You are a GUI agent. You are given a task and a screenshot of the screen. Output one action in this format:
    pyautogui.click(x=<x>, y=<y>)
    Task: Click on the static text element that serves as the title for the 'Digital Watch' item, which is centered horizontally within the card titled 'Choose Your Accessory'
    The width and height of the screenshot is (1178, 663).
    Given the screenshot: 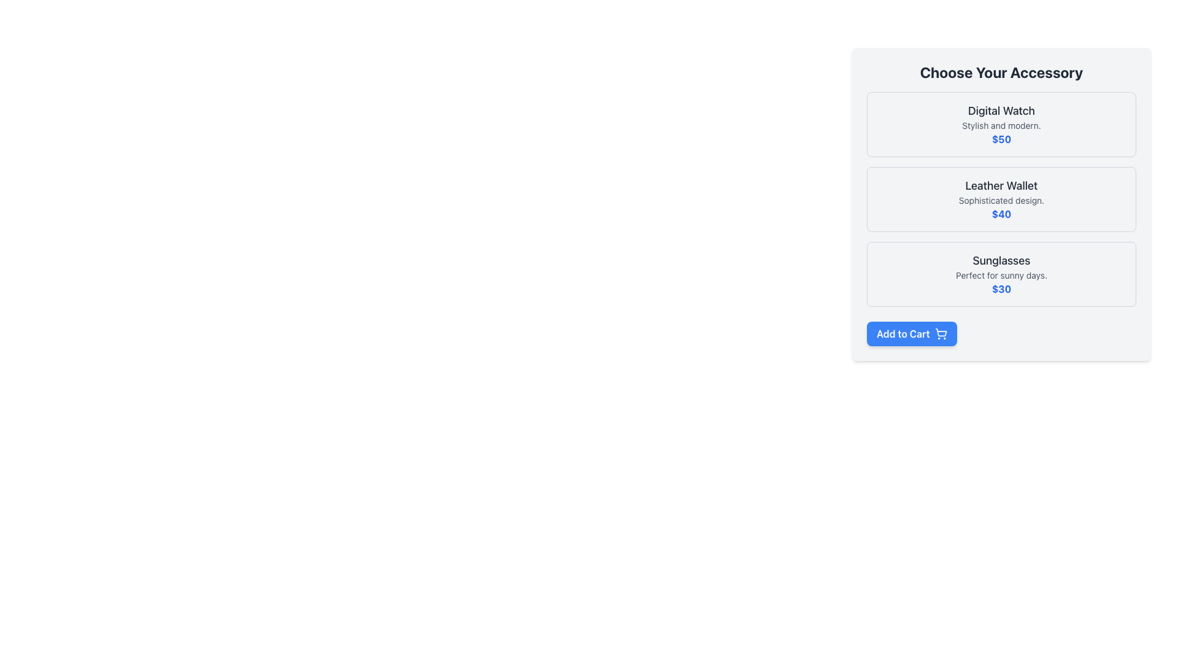 What is the action you would take?
    pyautogui.click(x=1001, y=111)
    